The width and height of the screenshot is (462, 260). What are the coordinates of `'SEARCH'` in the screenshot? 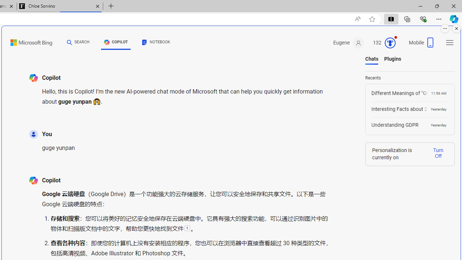 It's located at (78, 42).